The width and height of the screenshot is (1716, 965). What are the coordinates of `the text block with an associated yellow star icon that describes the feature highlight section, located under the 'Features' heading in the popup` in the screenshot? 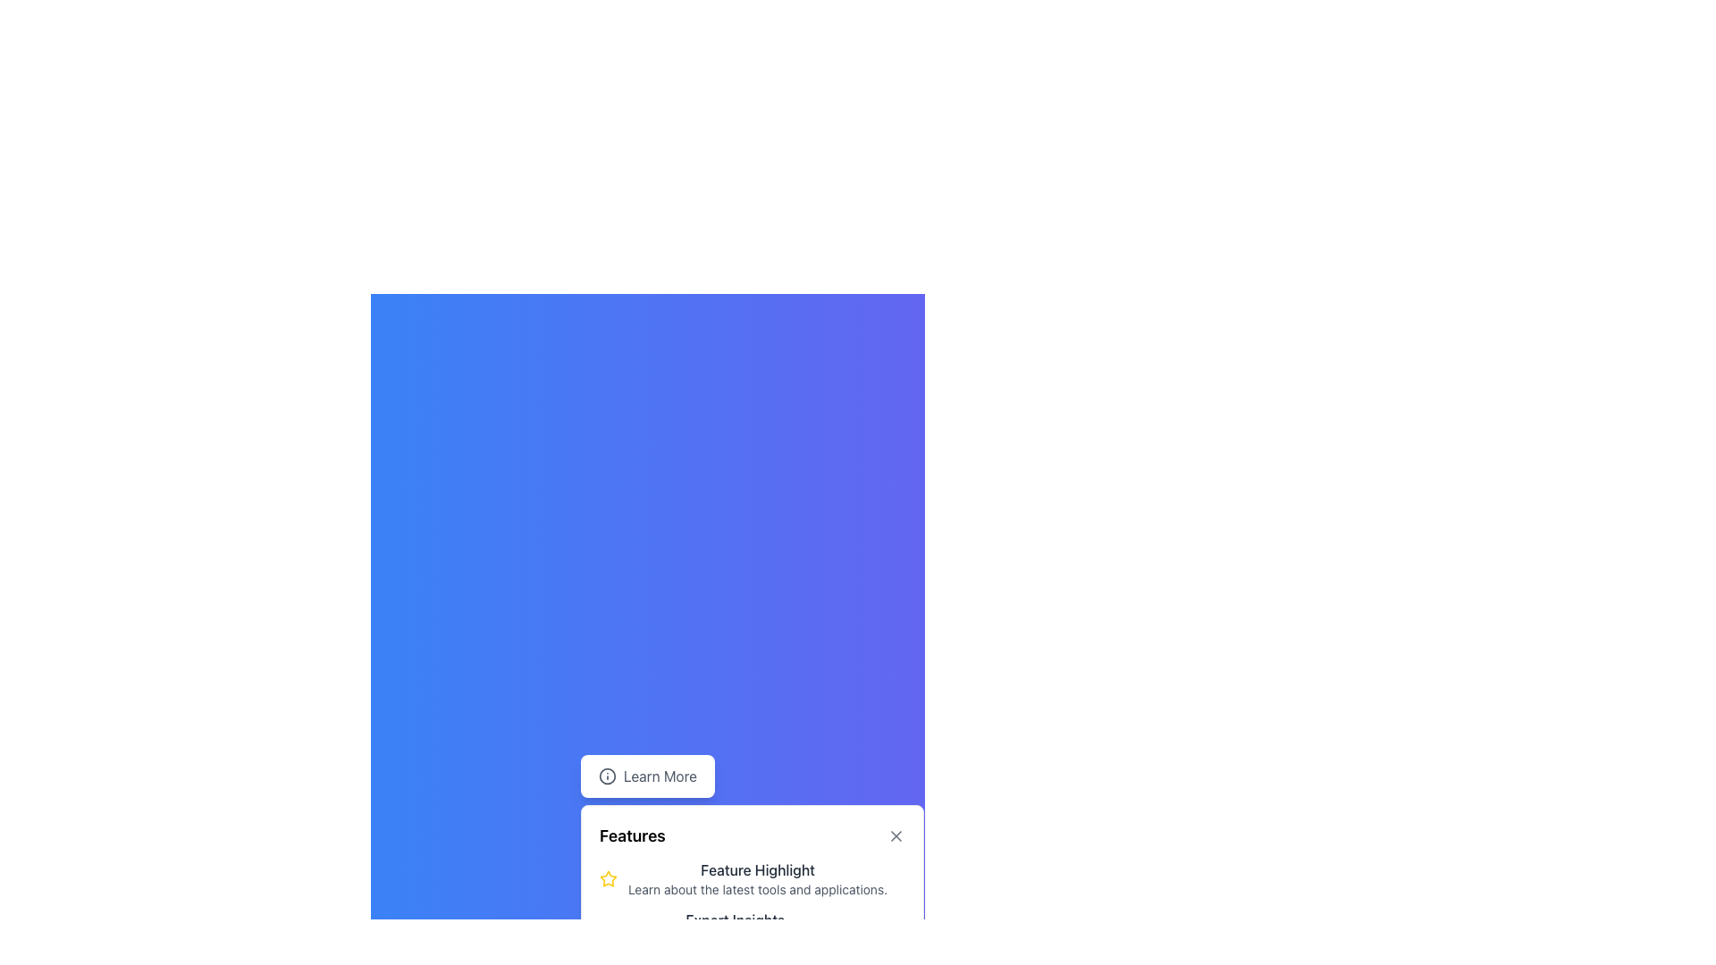 It's located at (752, 903).